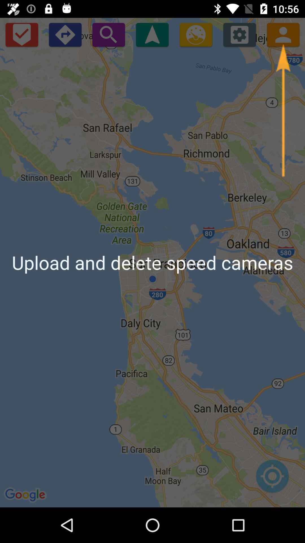 The image size is (305, 543). I want to click on use search option, so click(108, 34).